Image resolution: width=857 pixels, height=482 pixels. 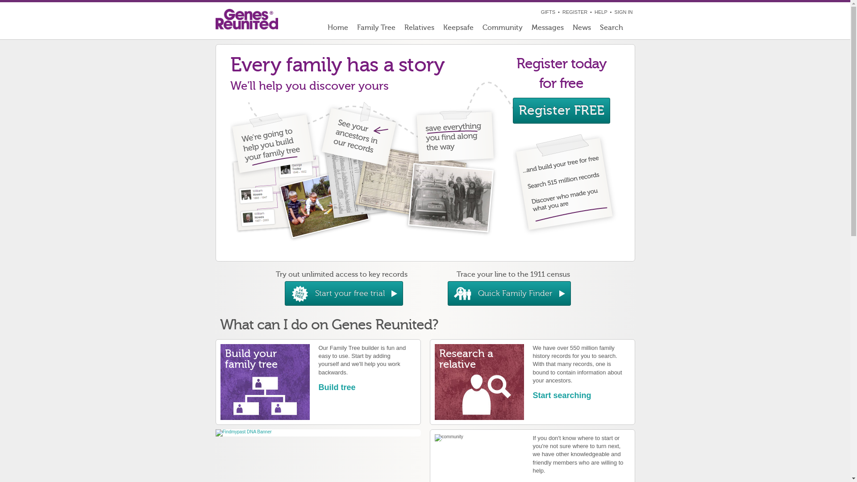 I want to click on 'Home', so click(x=337, y=29).